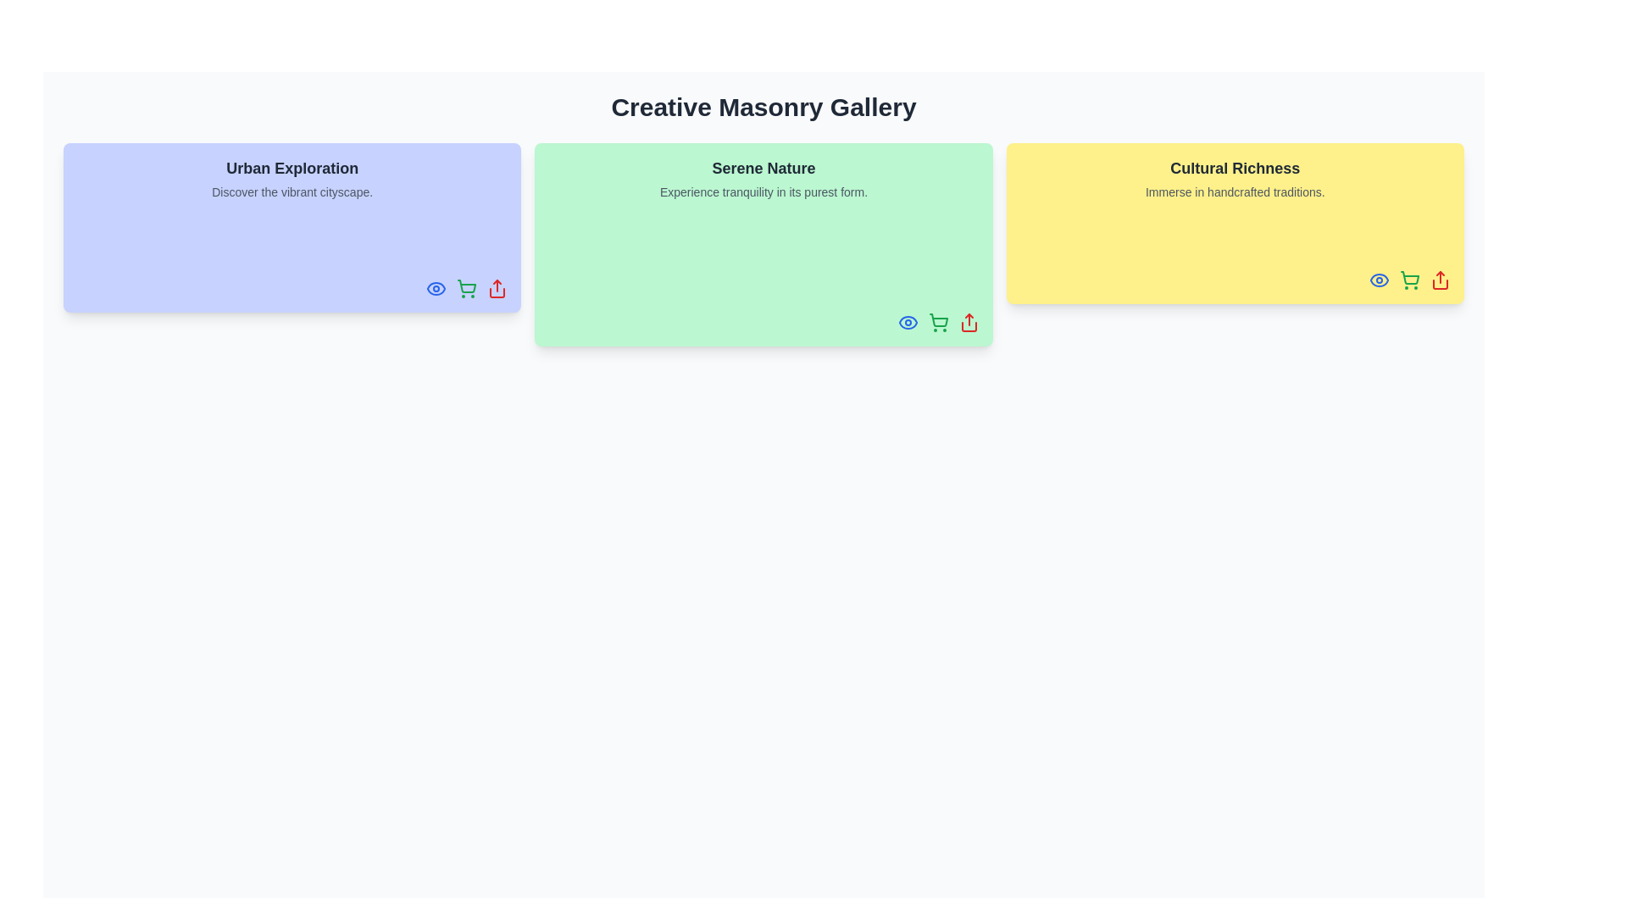 This screenshot has height=915, width=1627. Describe the element at coordinates (937, 320) in the screenshot. I see `the shopping cart icon located in the bottom-right segment of the green tile labeled 'Serene Nature'` at that location.